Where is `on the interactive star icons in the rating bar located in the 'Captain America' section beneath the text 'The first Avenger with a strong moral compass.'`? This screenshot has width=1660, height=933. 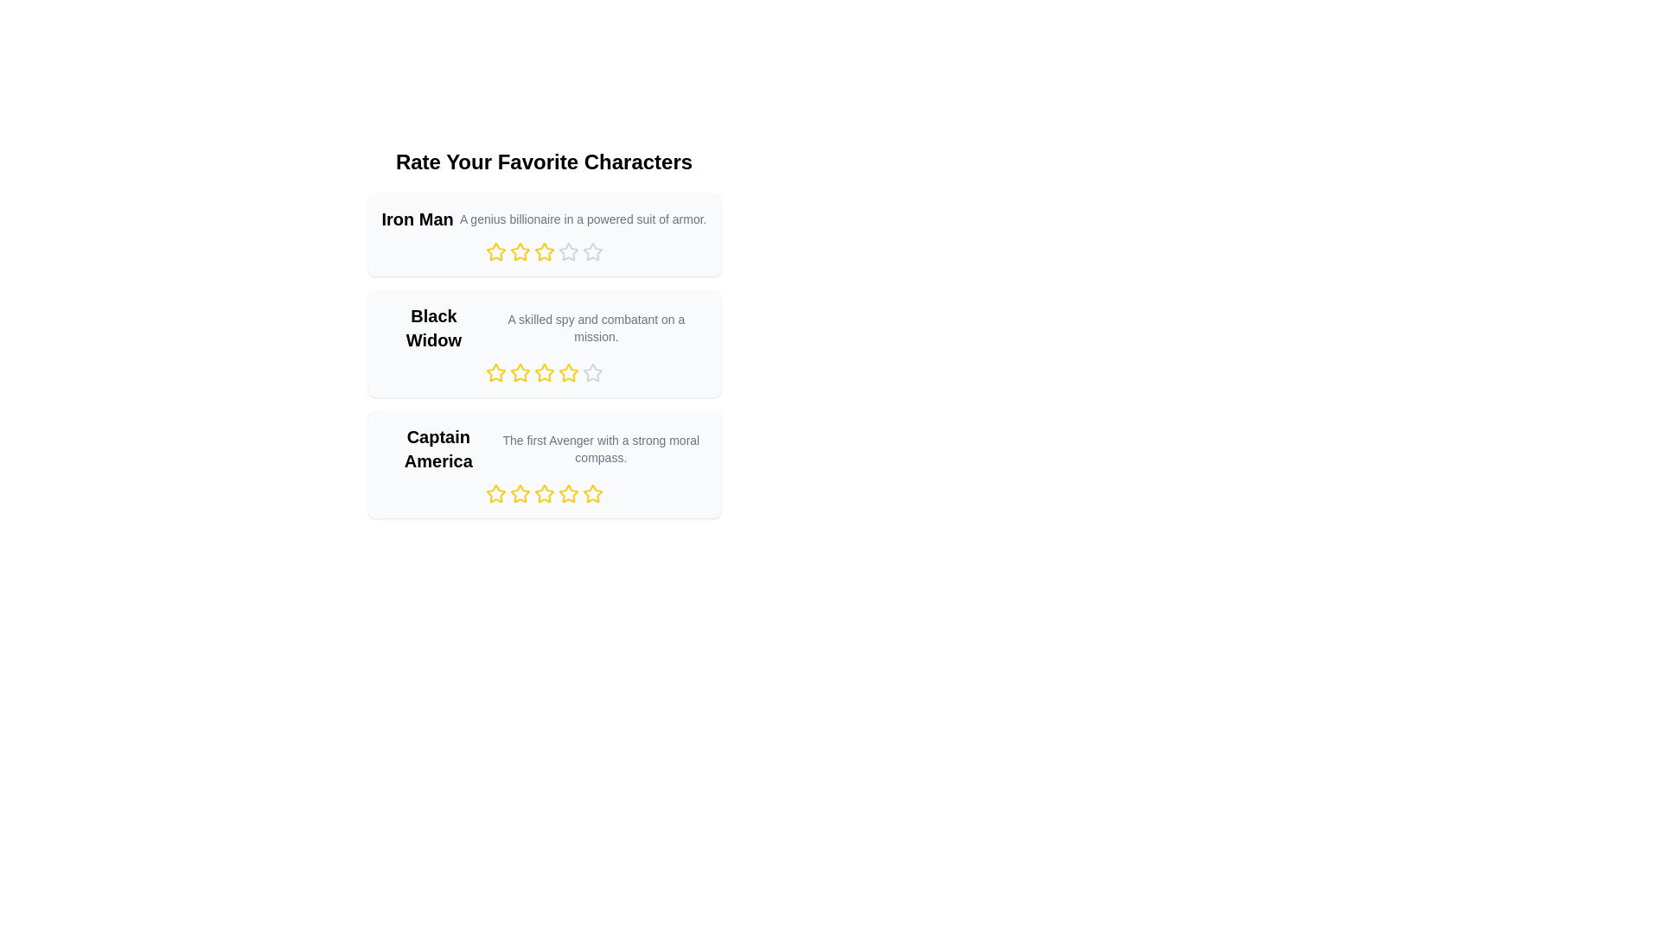 on the interactive star icons in the rating bar located in the 'Captain America' section beneath the text 'The first Avenger with a strong moral compass.' is located at coordinates (543, 493).